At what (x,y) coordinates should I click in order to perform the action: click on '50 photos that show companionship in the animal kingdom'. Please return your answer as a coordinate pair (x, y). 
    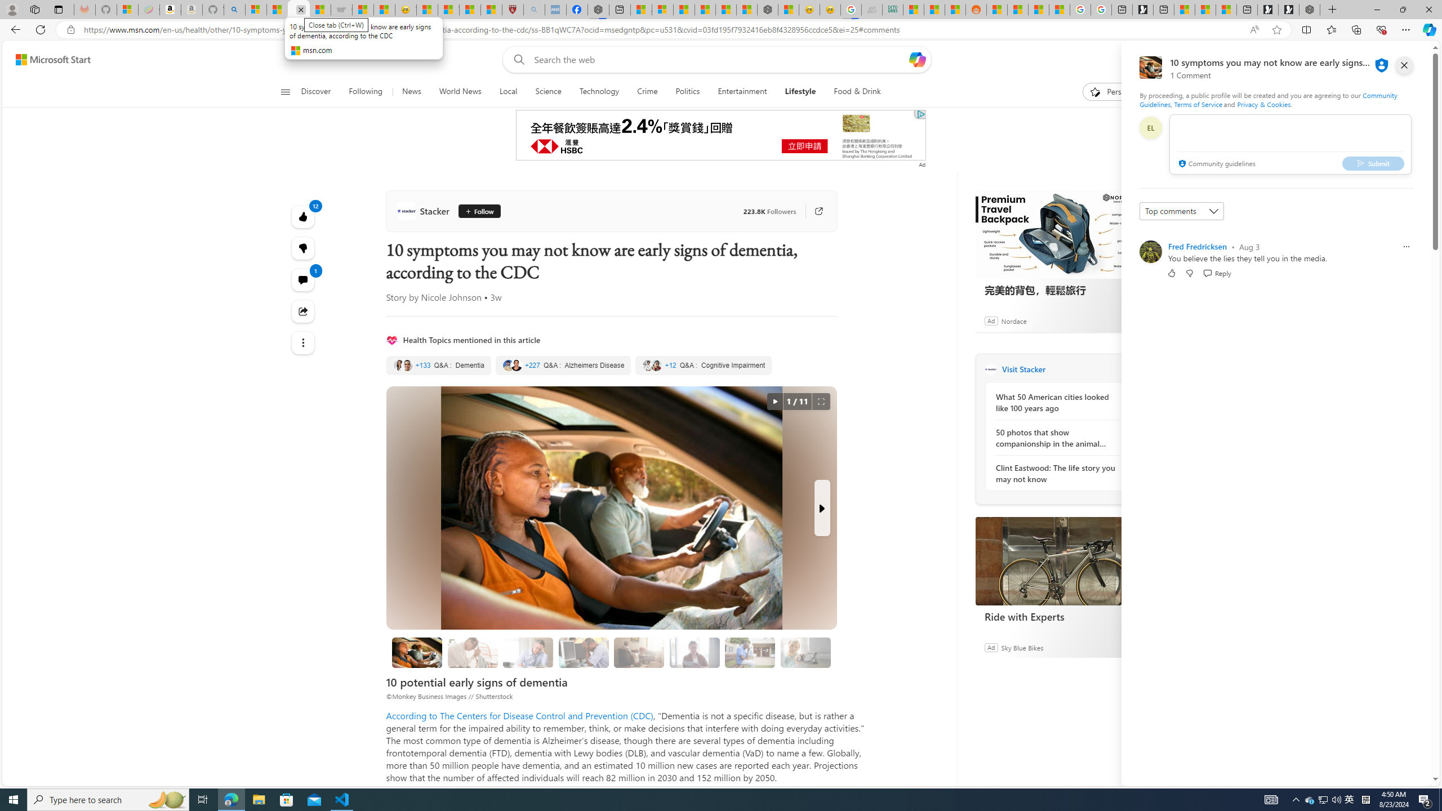
    Looking at the image, I should click on (1056, 438).